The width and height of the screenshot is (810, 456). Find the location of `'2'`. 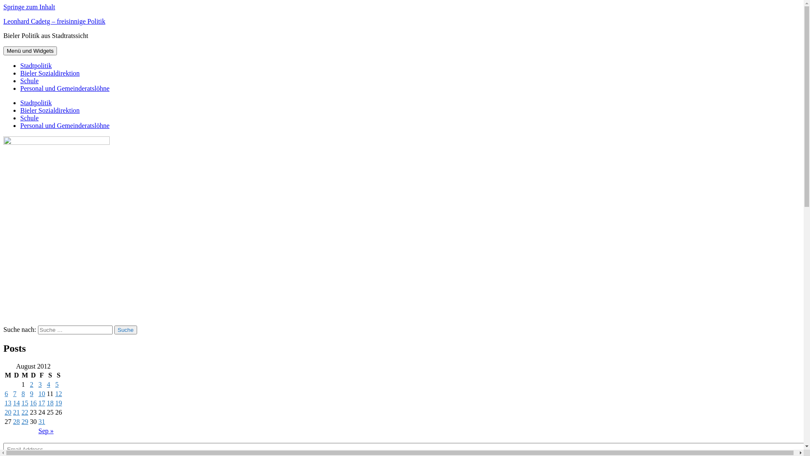

'2' is located at coordinates (30, 384).